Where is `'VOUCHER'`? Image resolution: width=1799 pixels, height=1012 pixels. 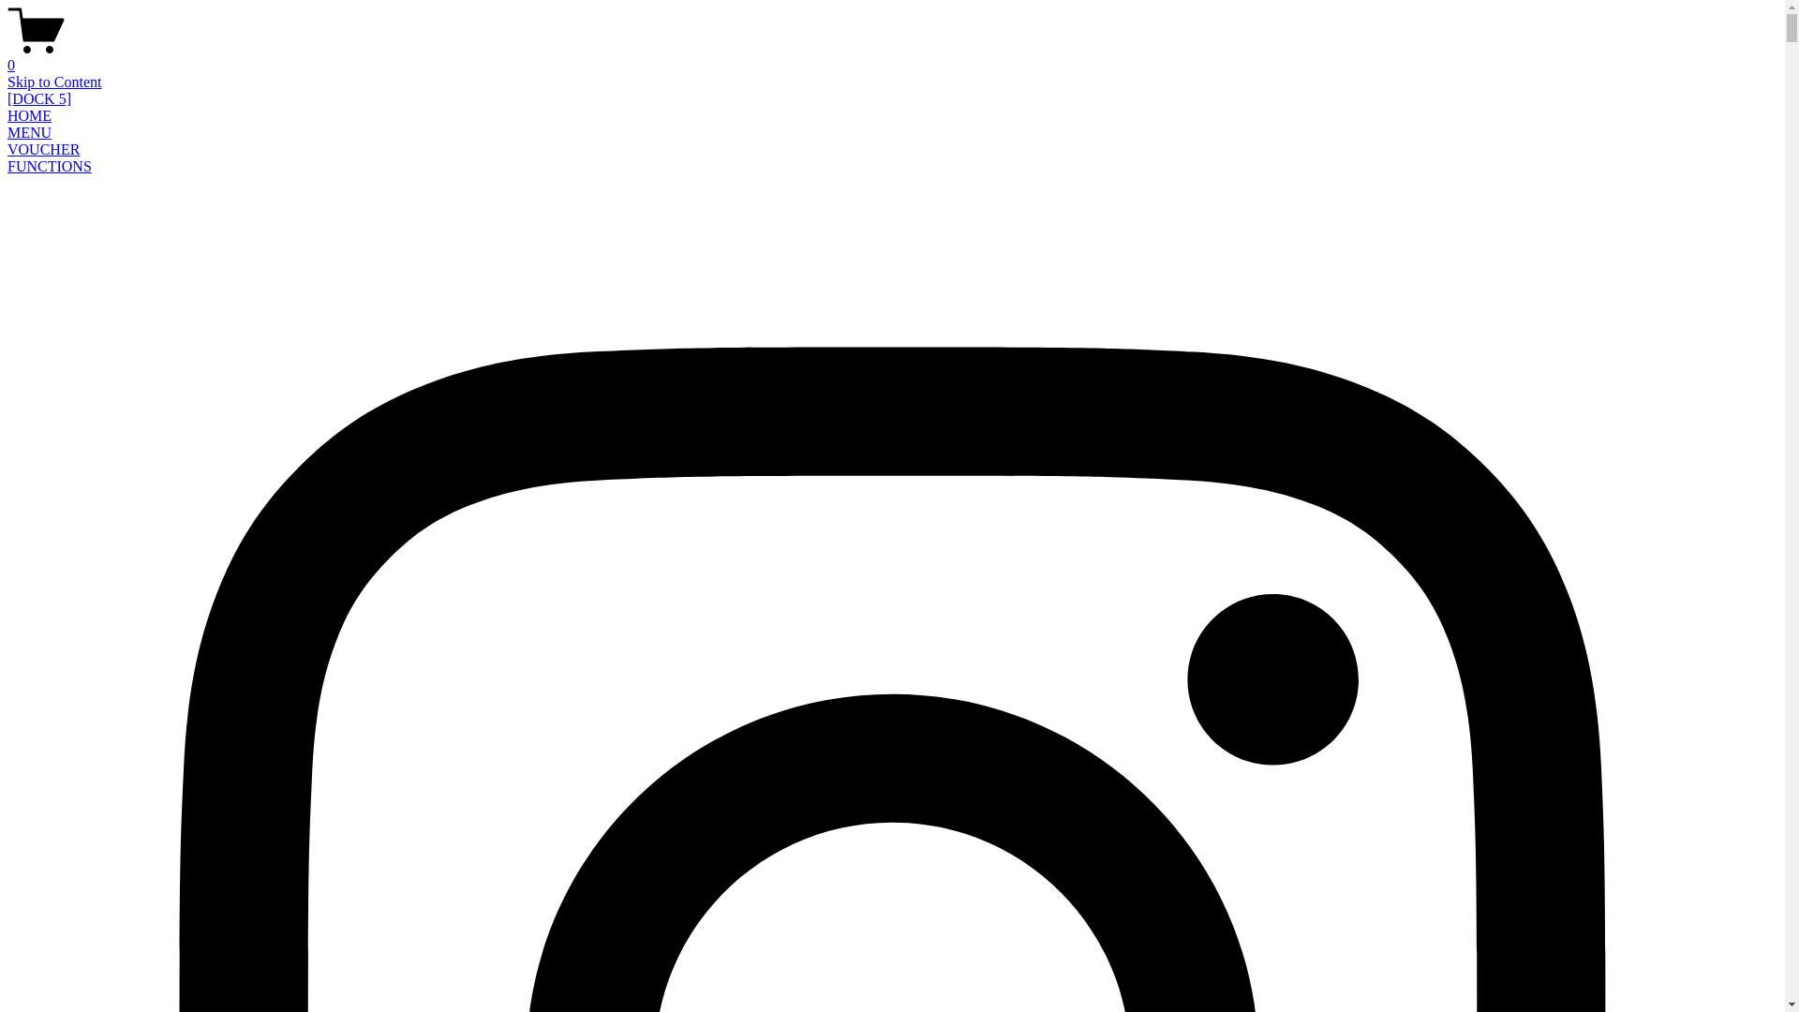
'VOUCHER' is located at coordinates (7, 148).